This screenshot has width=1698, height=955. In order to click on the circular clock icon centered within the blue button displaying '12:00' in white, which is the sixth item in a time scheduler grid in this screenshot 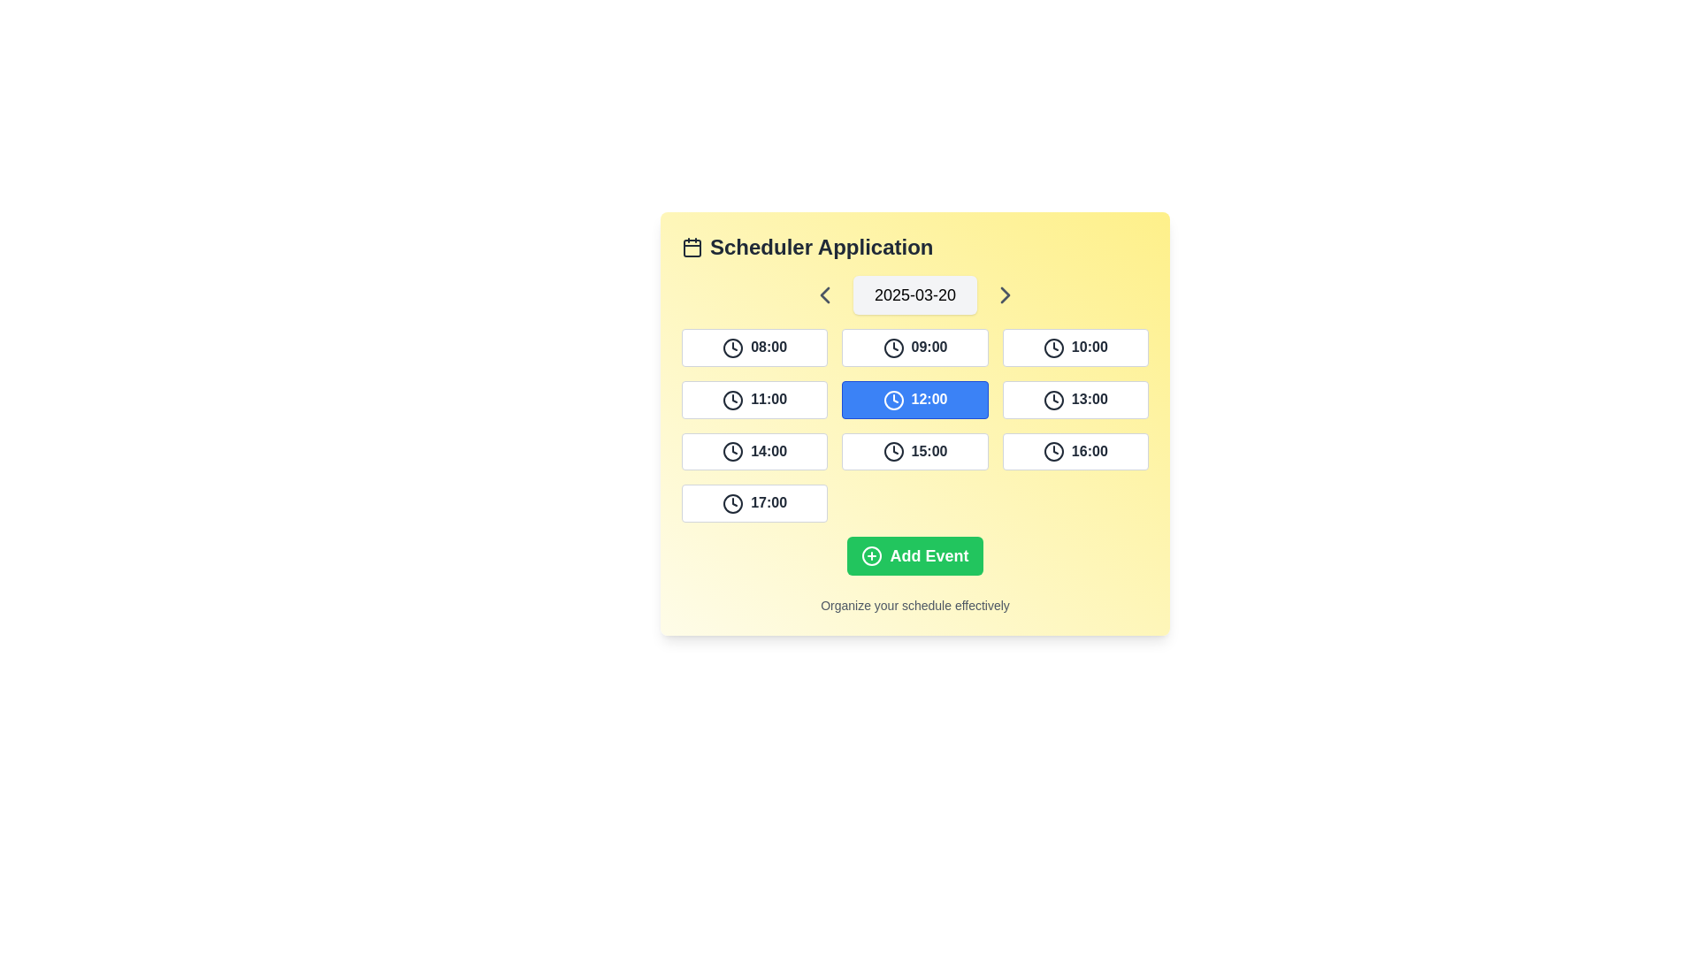, I will do `click(893, 400)`.